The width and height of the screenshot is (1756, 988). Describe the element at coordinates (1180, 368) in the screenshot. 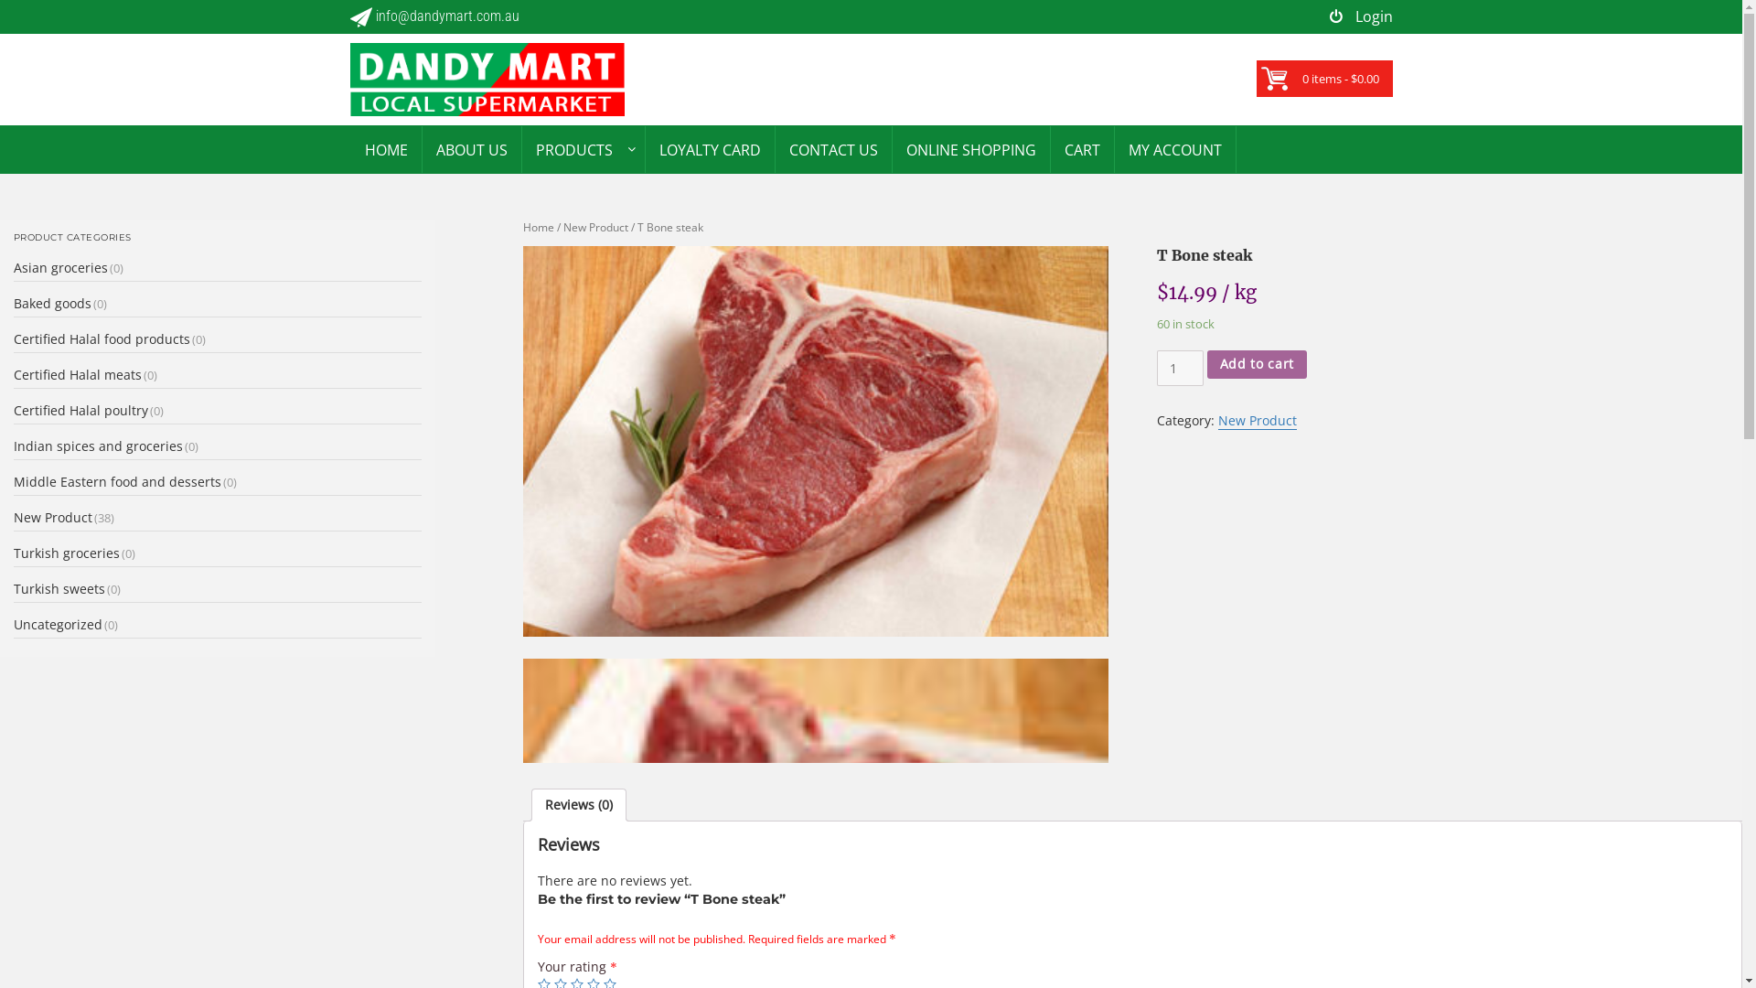

I see `'Qty'` at that location.